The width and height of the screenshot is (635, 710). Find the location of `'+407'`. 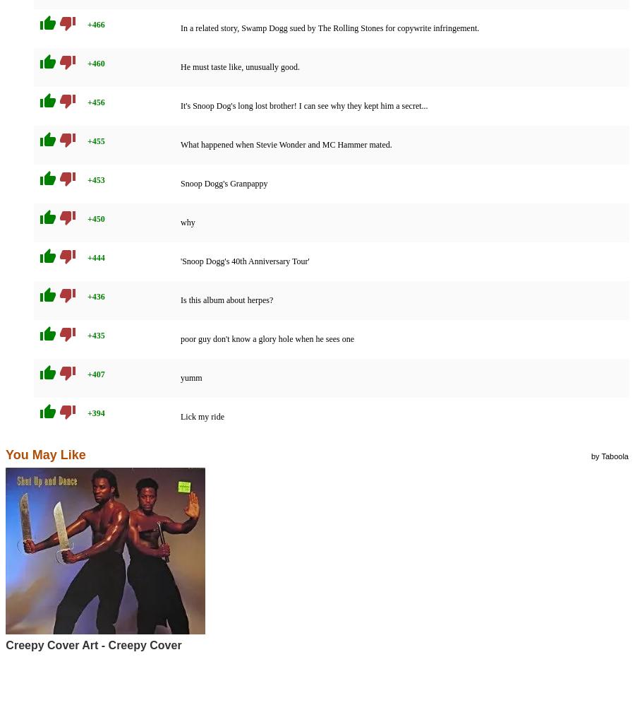

'+407' is located at coordinates (95, 373).